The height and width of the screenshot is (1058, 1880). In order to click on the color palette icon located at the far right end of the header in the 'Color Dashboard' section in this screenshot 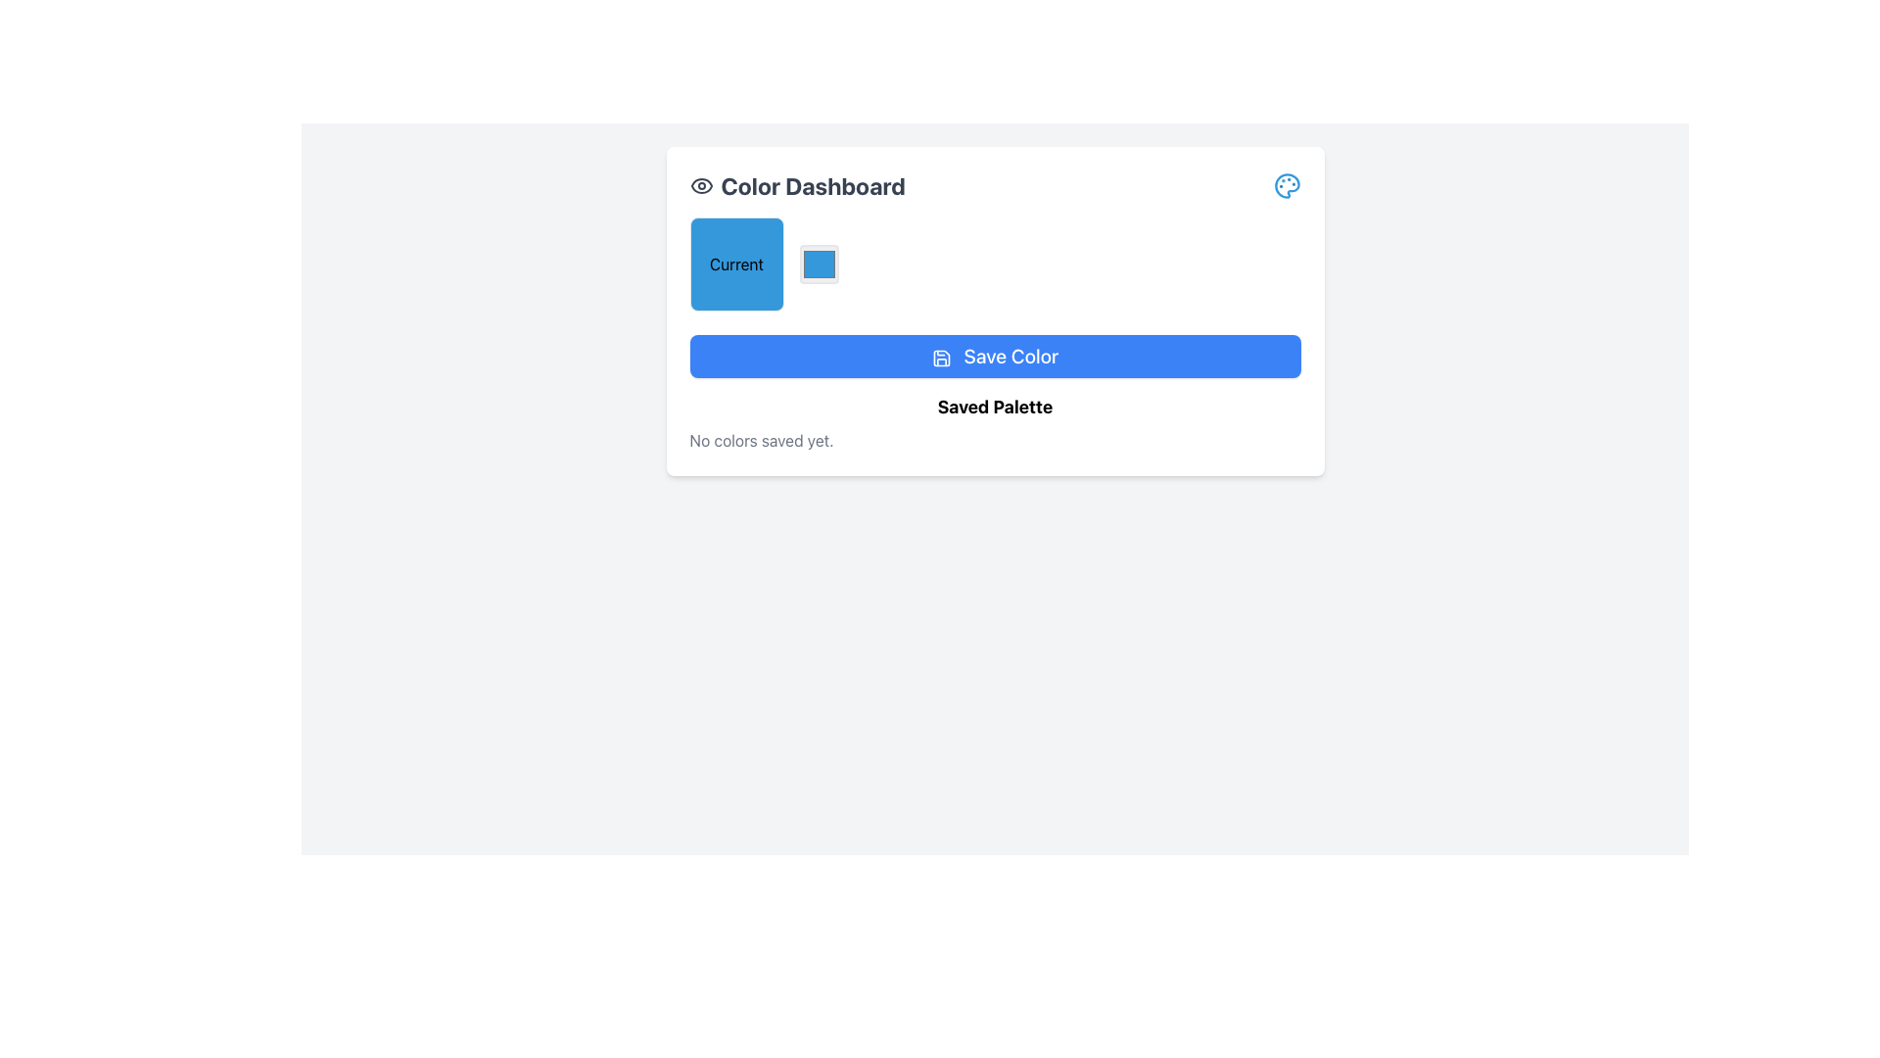, I will do `click(1287, 185)`.